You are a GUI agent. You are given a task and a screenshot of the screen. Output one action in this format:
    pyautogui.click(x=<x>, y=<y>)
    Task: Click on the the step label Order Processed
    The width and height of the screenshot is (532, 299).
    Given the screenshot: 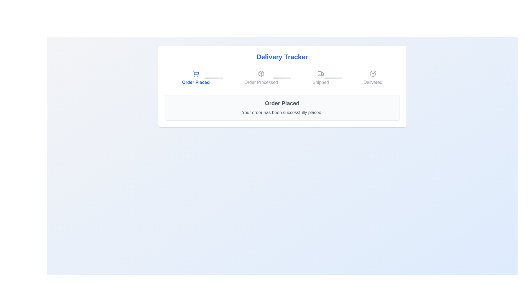 What is the action you would take?
    pyautogui.click(x=261, y=78)
    